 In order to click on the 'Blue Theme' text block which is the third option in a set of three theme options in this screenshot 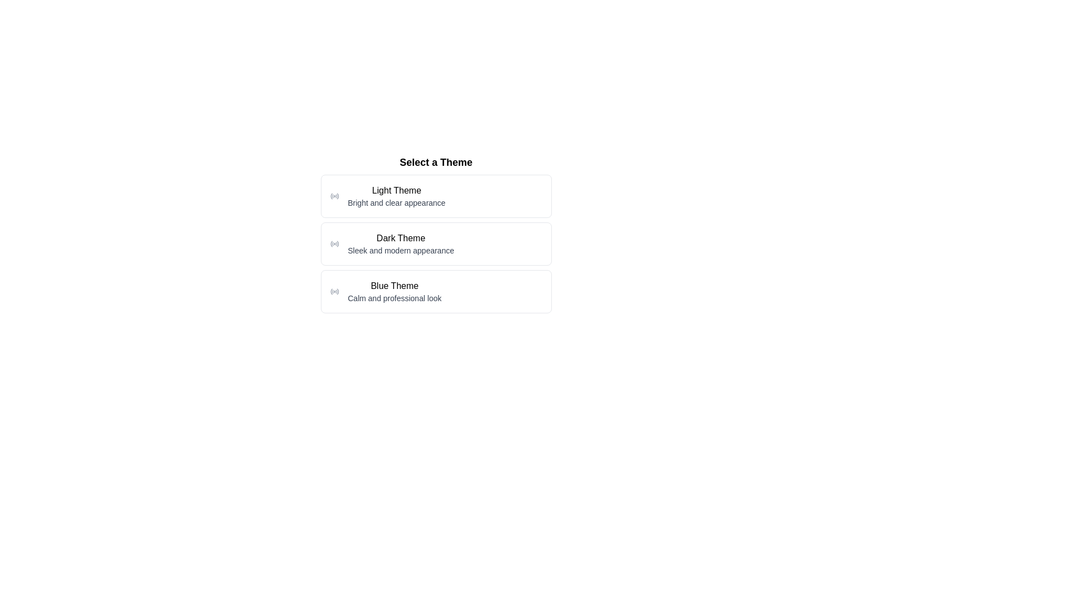, I will do `click(394, 291)`.